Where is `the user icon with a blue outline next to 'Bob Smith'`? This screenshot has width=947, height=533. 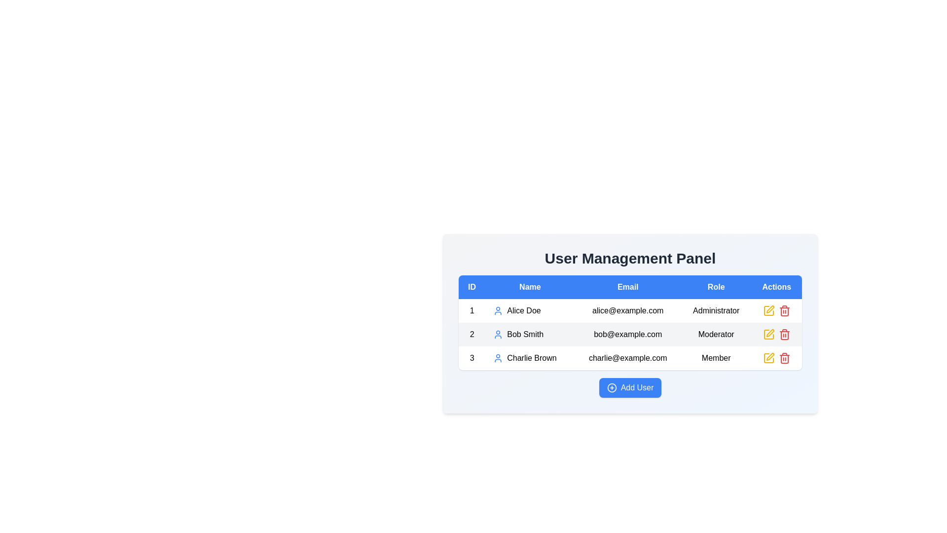
the user icon with a blue outline next to 'Bob Smith' is located at coordinates (498, 334).